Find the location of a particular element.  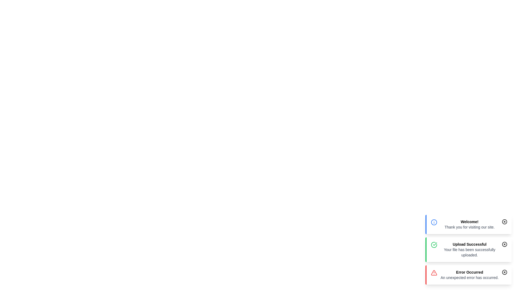

the checkmark icon indicating successful upload completion within the 'Upload Successful' notification card is located at coordinates (435, 244).